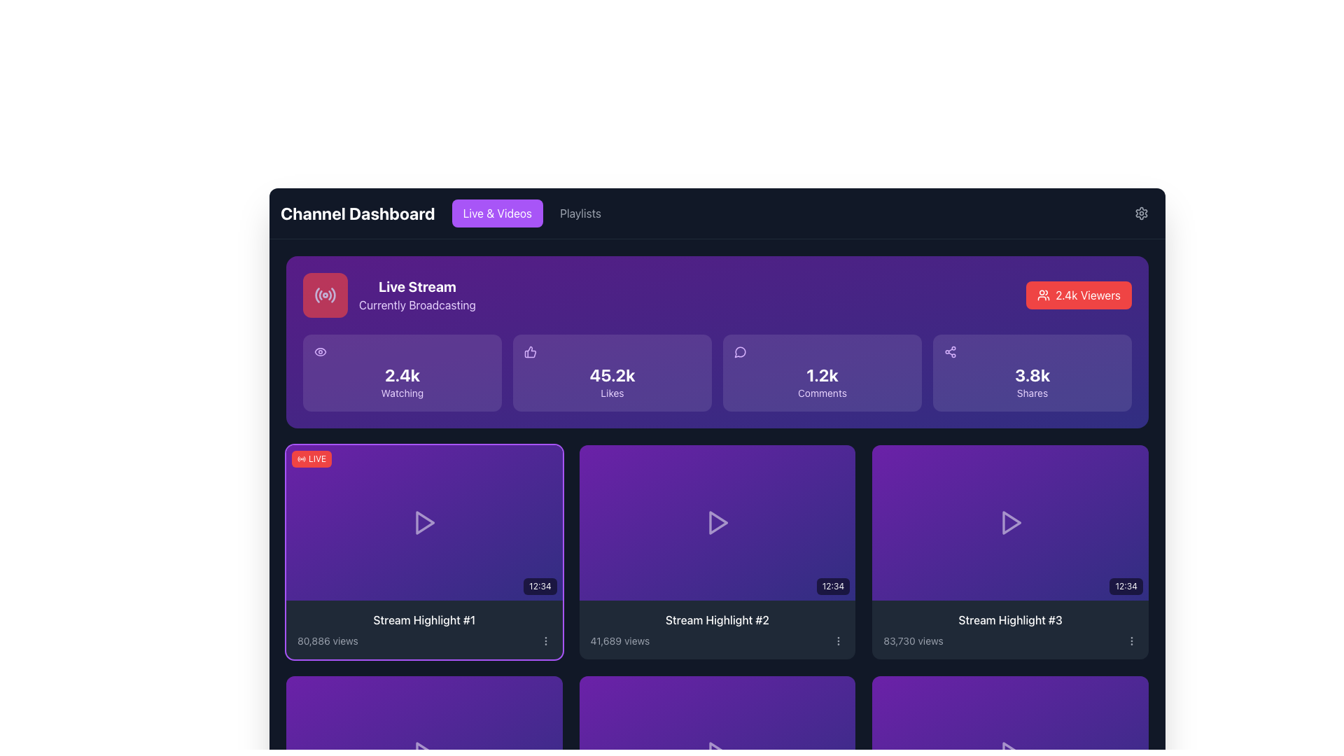  What do you see at coordinates (1142, 213) in the screenshot?
I see `the settings icon located` at bounding box center [1142, 213].